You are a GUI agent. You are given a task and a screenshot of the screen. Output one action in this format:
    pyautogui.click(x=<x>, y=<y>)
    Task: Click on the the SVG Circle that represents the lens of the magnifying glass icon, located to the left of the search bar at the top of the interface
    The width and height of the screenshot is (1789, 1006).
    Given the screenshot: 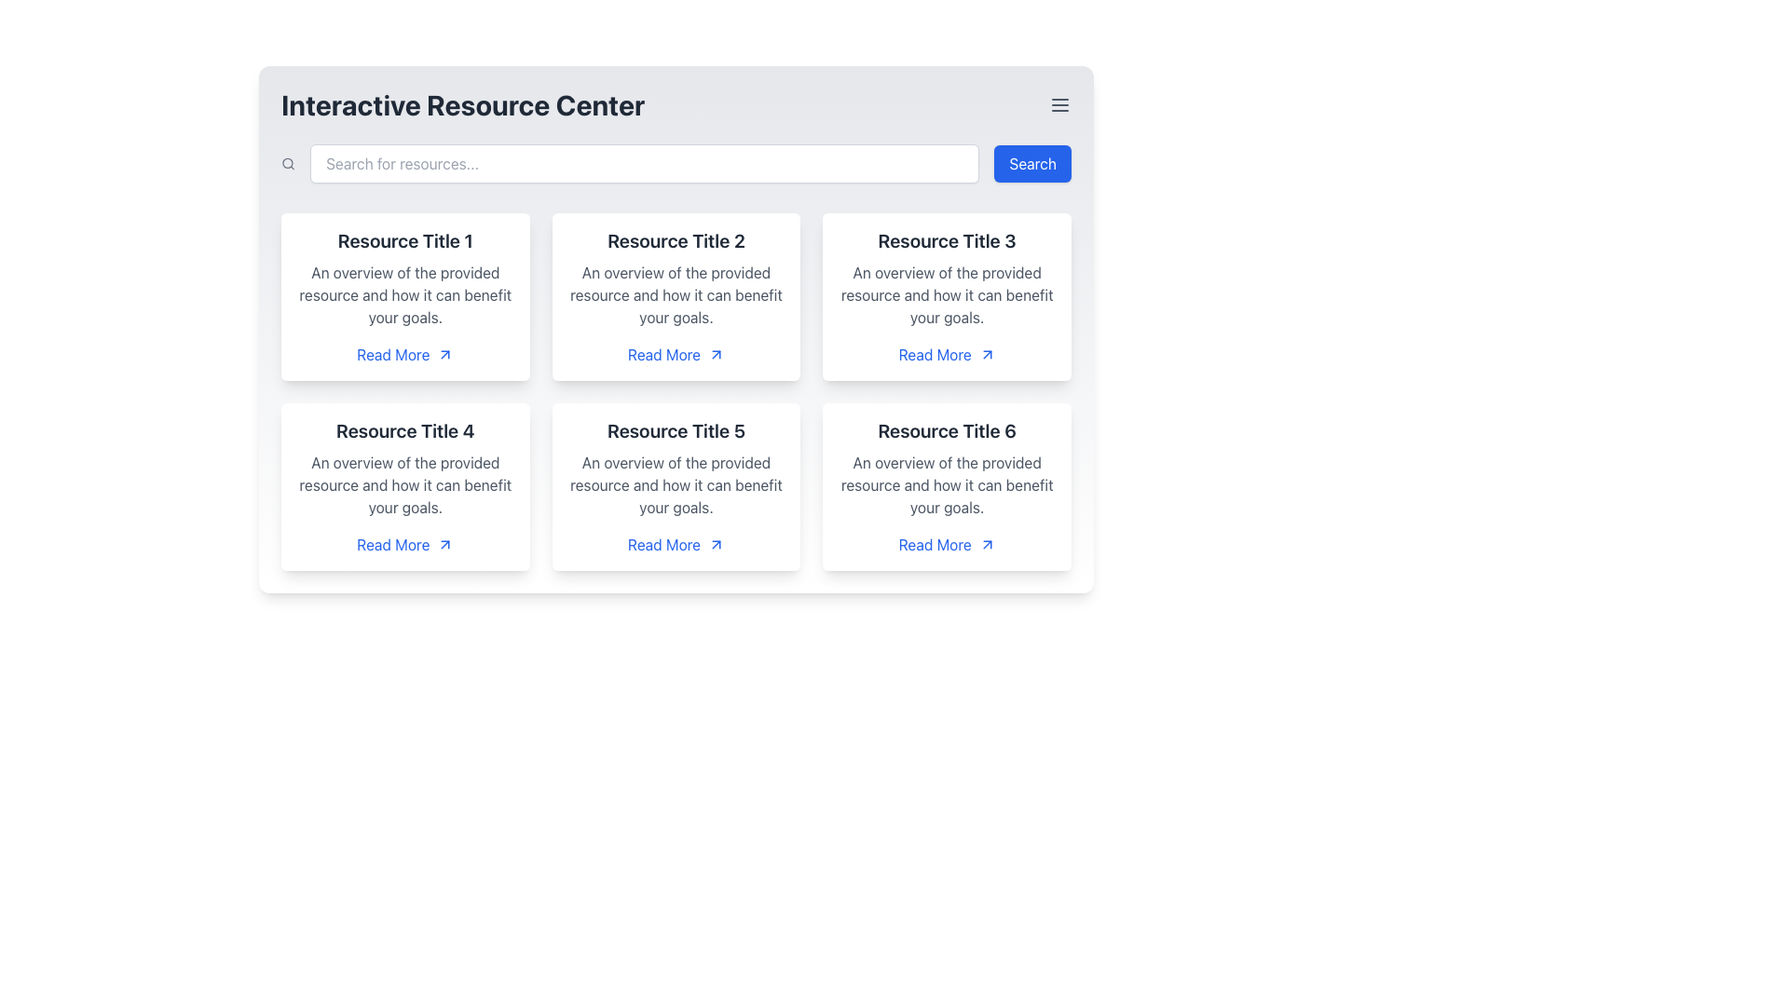 What is the action you would take?
    pyautogui.click(x=286, y=162)
    